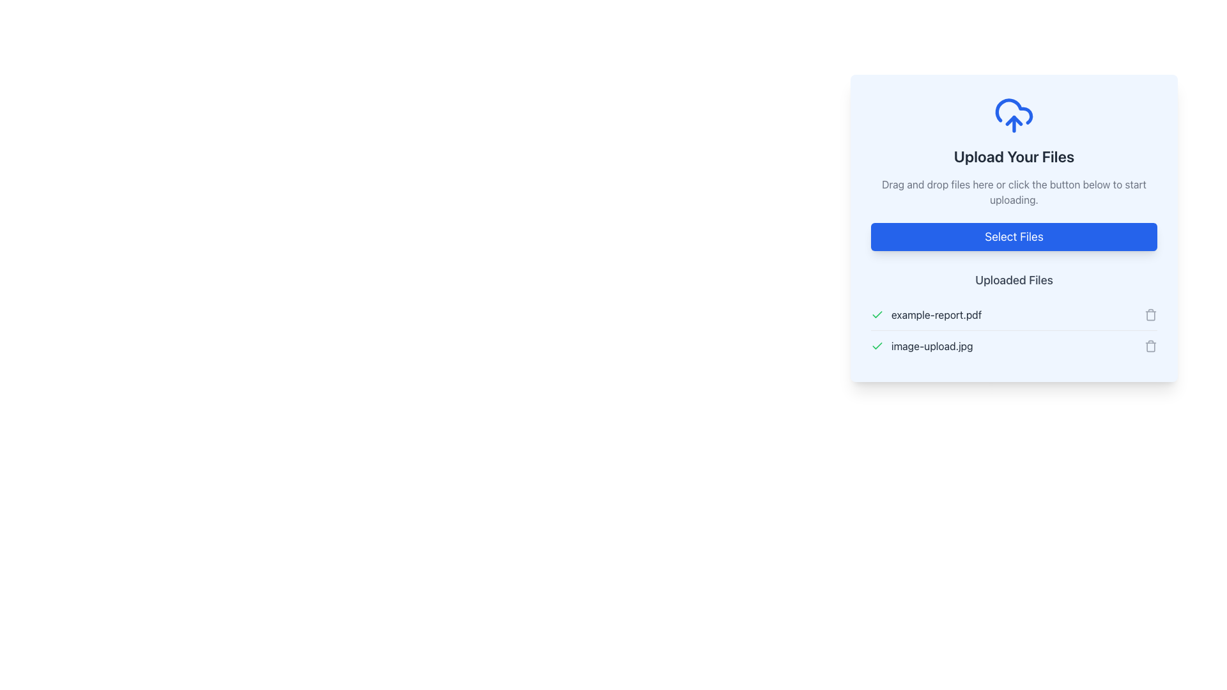 The width and height of the screenshot is (1227, 690). Describe the element at coordinates (1014, 280) in the screenshot. I see `the text label or header that identifies the section for uploaded files, located beneath the 'Select Files' button` at that location.